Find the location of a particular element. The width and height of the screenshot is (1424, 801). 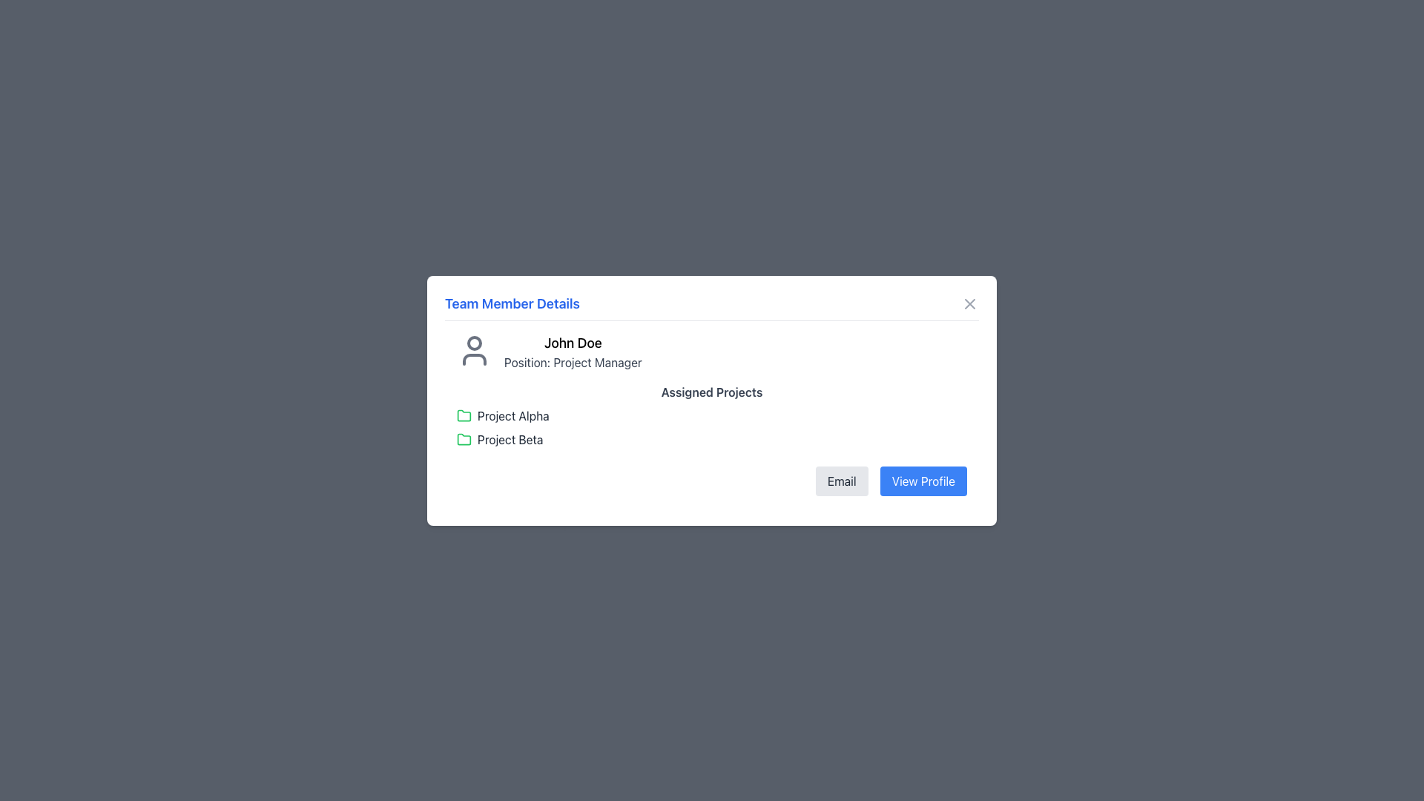

the Text Display element that presents the name and job position of the individual associated with the profile being viewed, located to the right of the user profile icon in the upper left portion of the dialog box is located at coordinates (572, 352).